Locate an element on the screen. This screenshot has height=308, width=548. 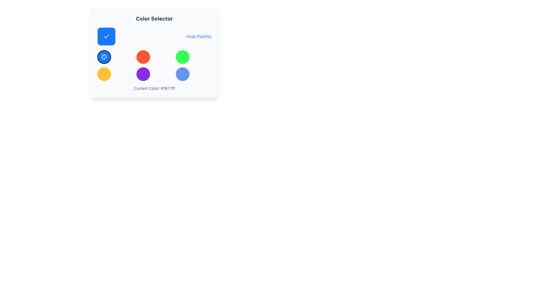
the color selection button located in the bottom-right corner of the 3x3 grid of the color palette is located at coordinates (182, 74).